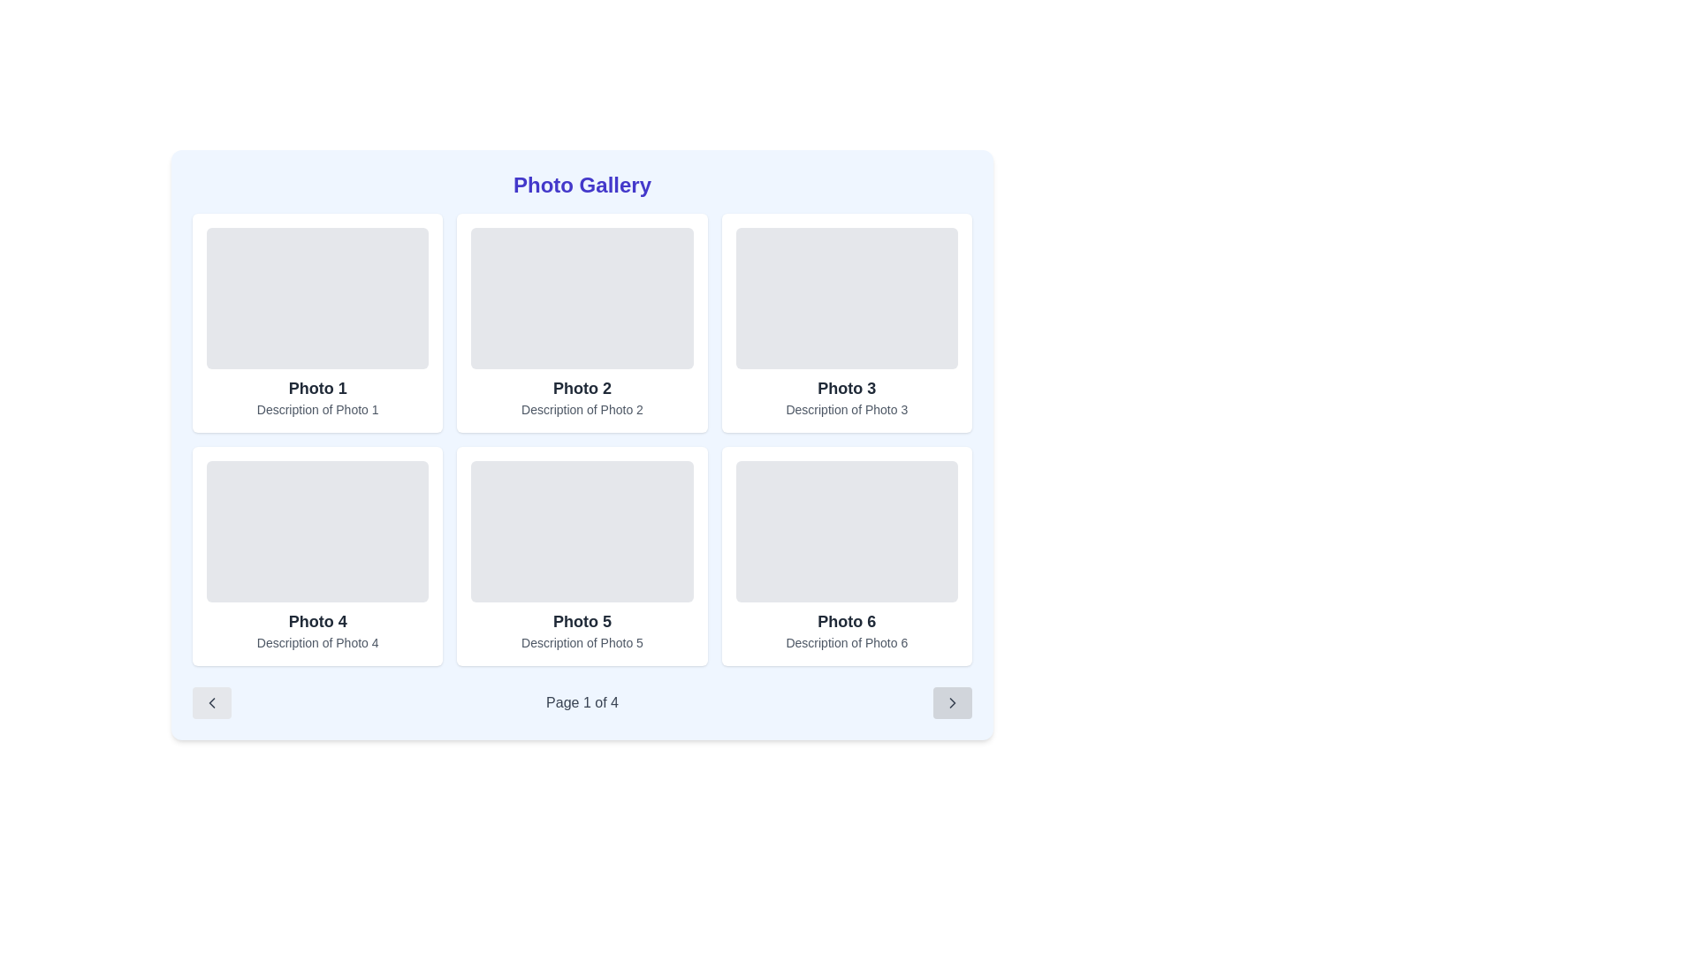  Describe the element at coordinates (846, 323) in the screenshot. I see `the third Card component in the grid layout that displays photo entries, which includes an image, title, and description` at that location.